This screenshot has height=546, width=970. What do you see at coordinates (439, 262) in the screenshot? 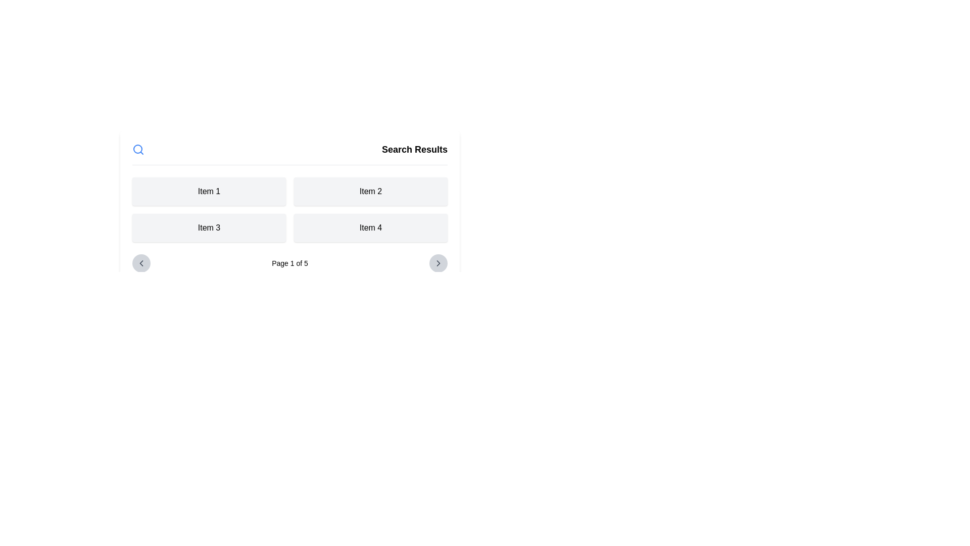
I see `the next-page button located in the lower right corner of the interface` at bounding box center [439, 262].